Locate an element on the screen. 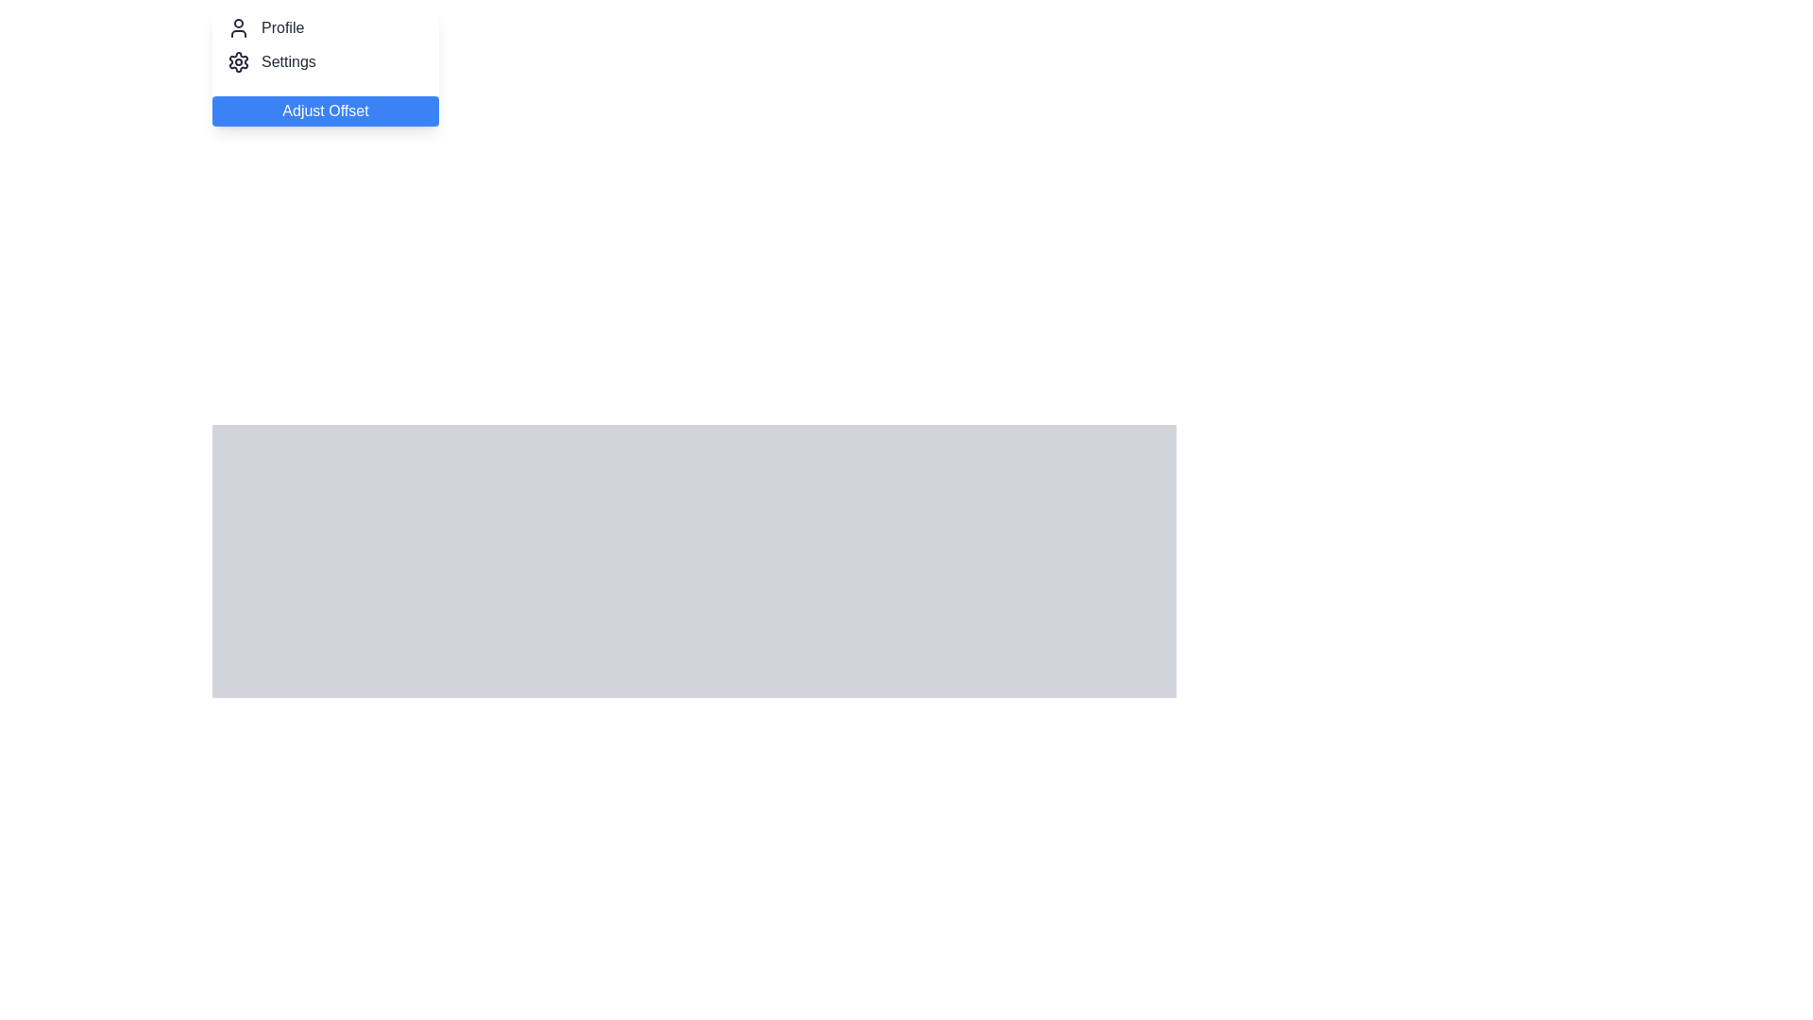 This screenshot has width=1813, height=1020. the settings icon located in the top-left region of the page is located at coordinates (238, 60).